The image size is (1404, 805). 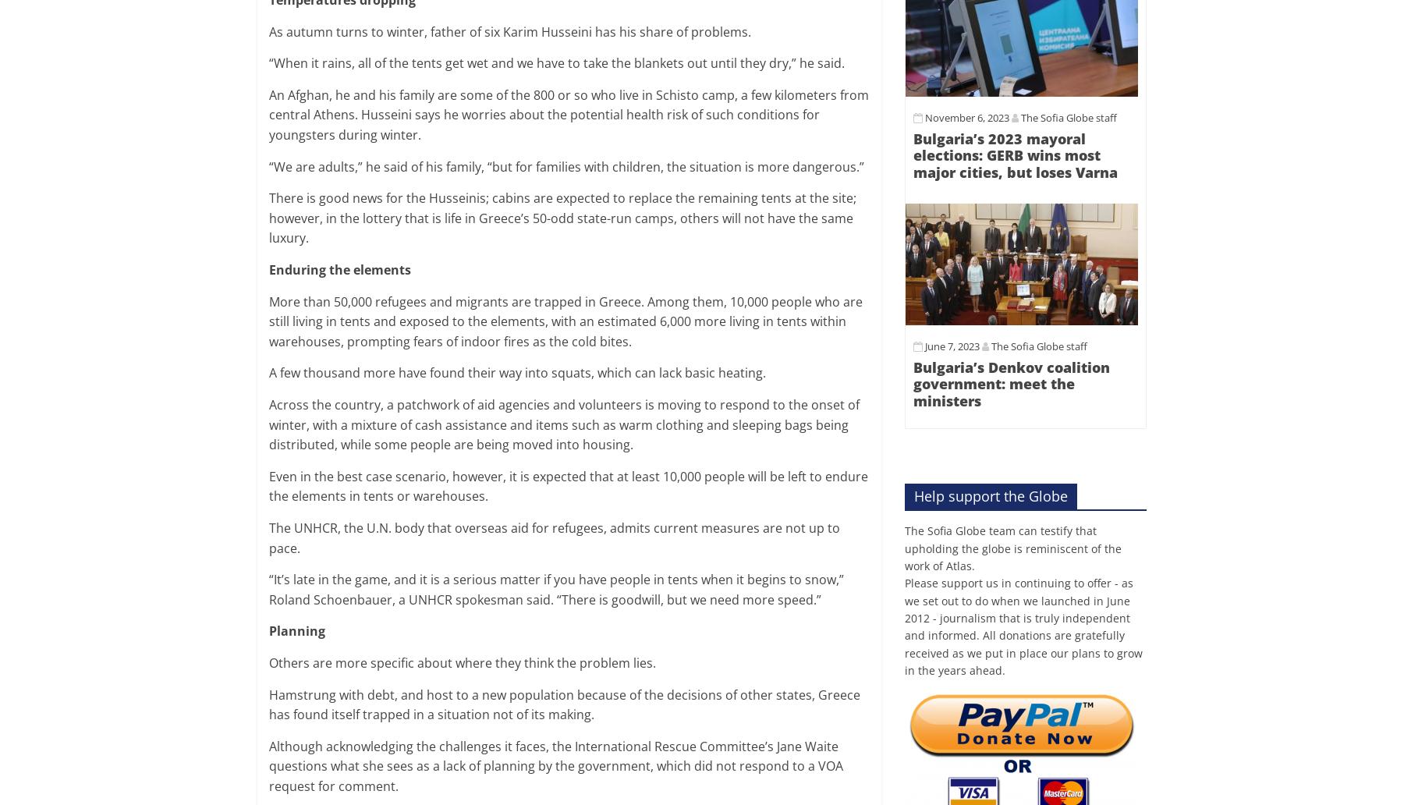 What do you see at coordinates (1013, 547) in the screenshot?
I see `'The Sofia Globe team can testify that upholding the globe is reminiscent of the work of Atlas.'` at bounding box center [1013, 547].